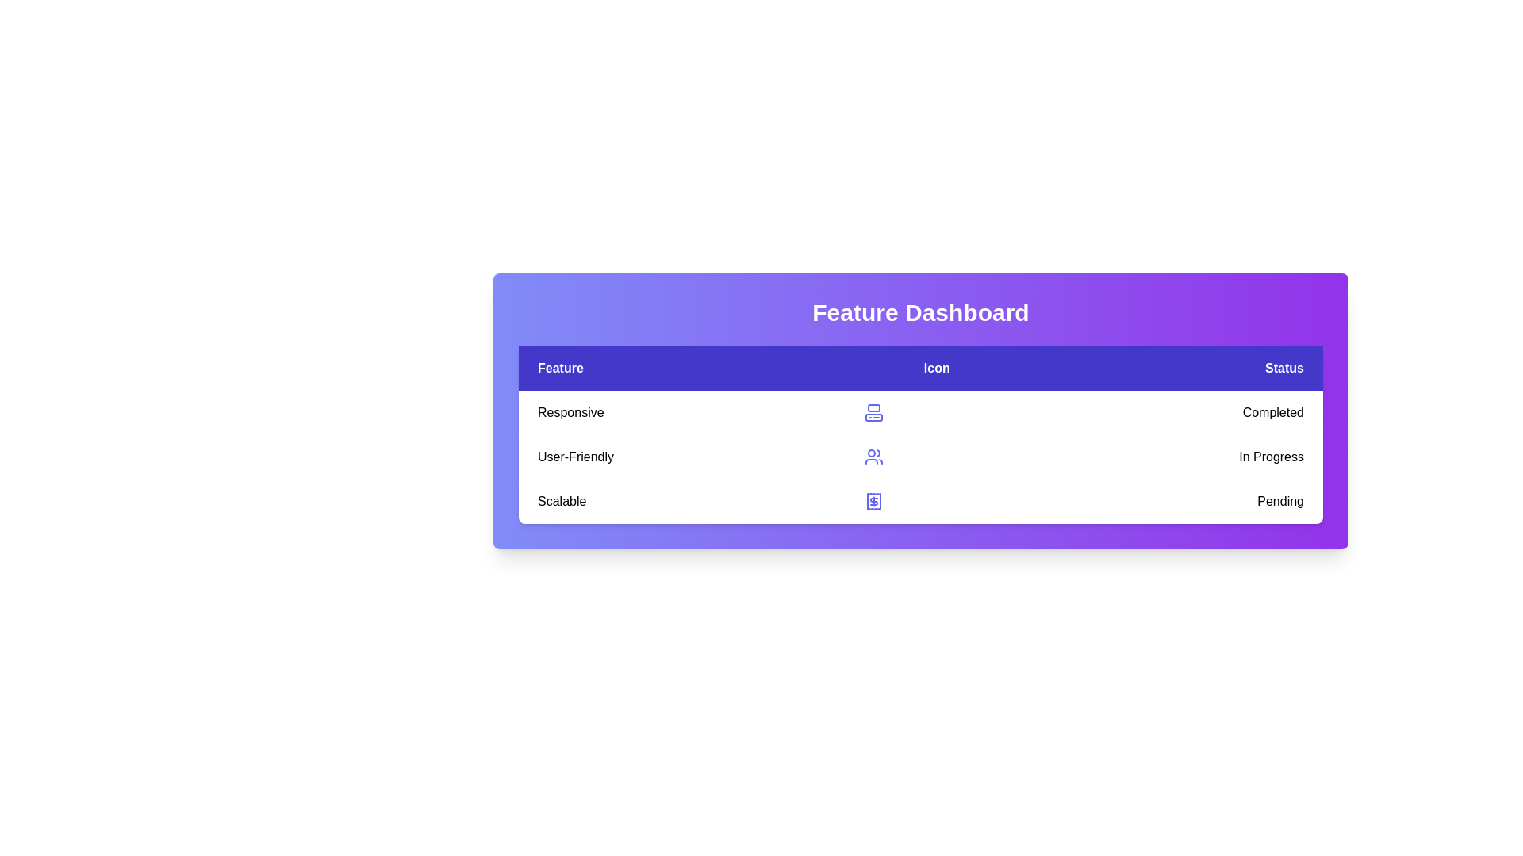 The height and width of the screenshot is (856, 1523). What do you see at coordinates (921, 411) in the screenshot?
I see `the first row in the table labeled 'Responsive' to interact with it` at bounding box center [921, 411].